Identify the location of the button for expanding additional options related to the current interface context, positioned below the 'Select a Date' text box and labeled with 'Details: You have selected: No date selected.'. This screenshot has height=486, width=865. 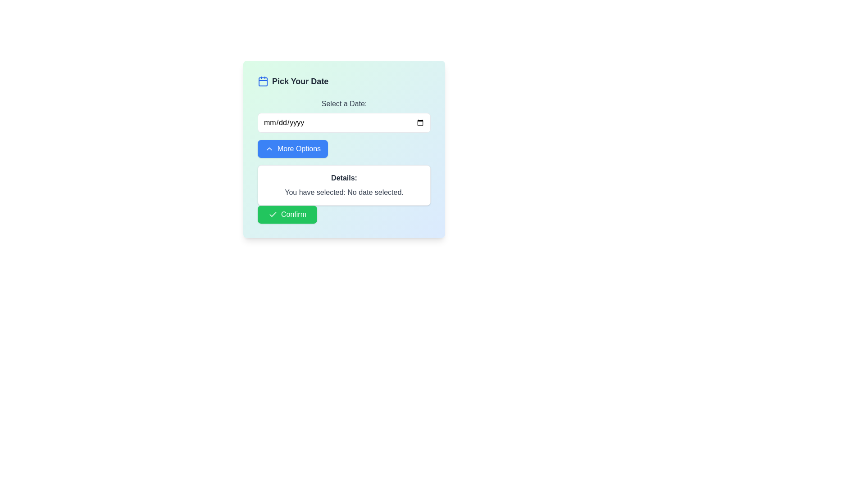
(293, 148).